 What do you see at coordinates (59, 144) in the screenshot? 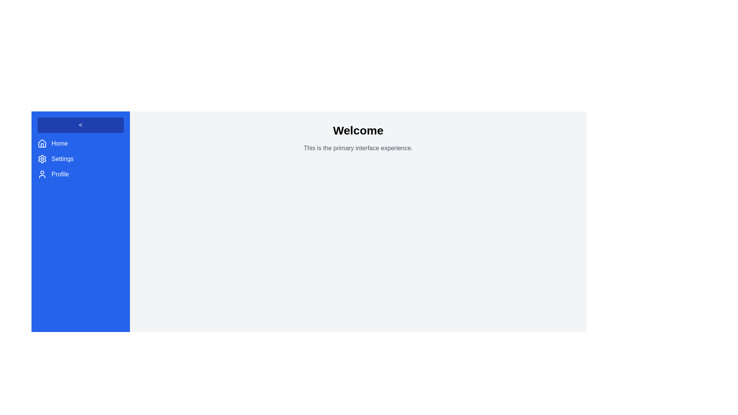
I see `the text label in the left sidebar navigation menu, which is located immediately after the house-shaped icon` at bounding box center [59, 144].